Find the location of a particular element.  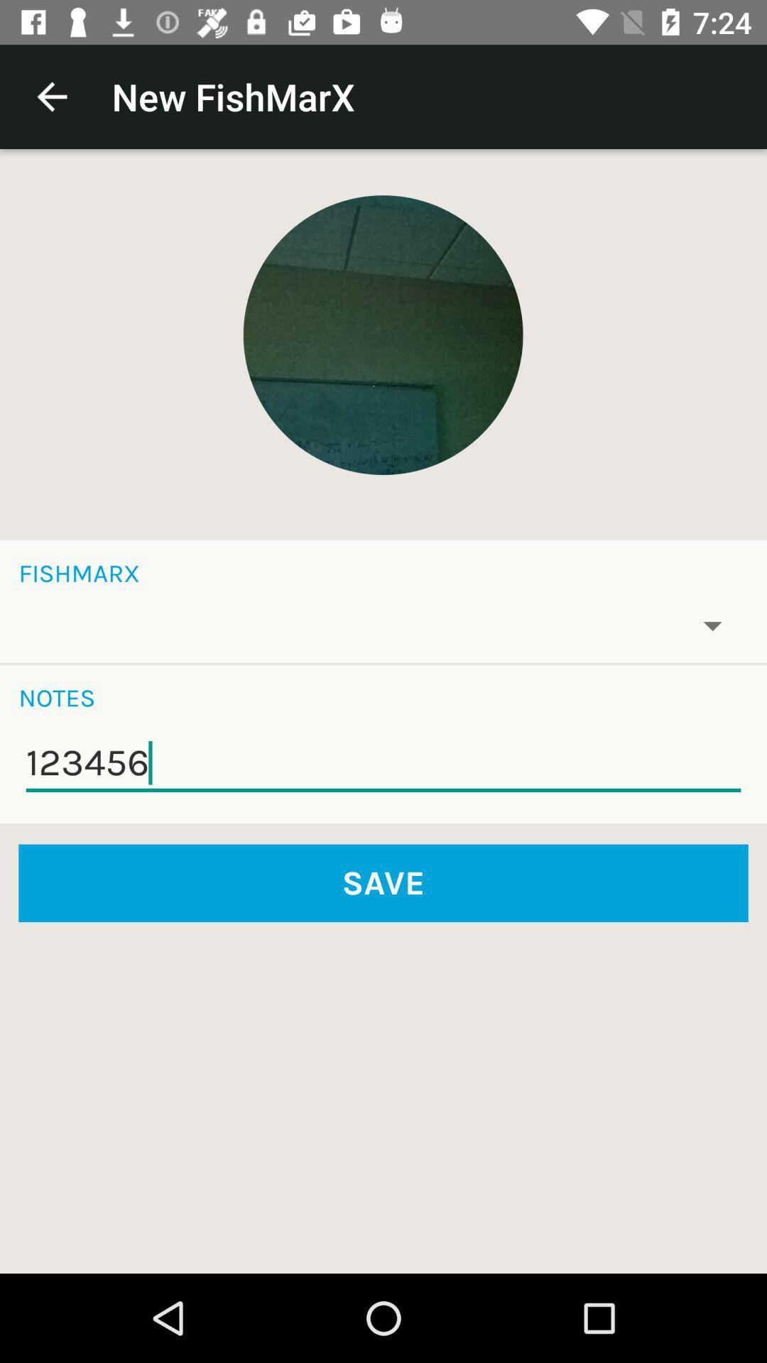

icon below notes icon is located at coordinates (383, 762).